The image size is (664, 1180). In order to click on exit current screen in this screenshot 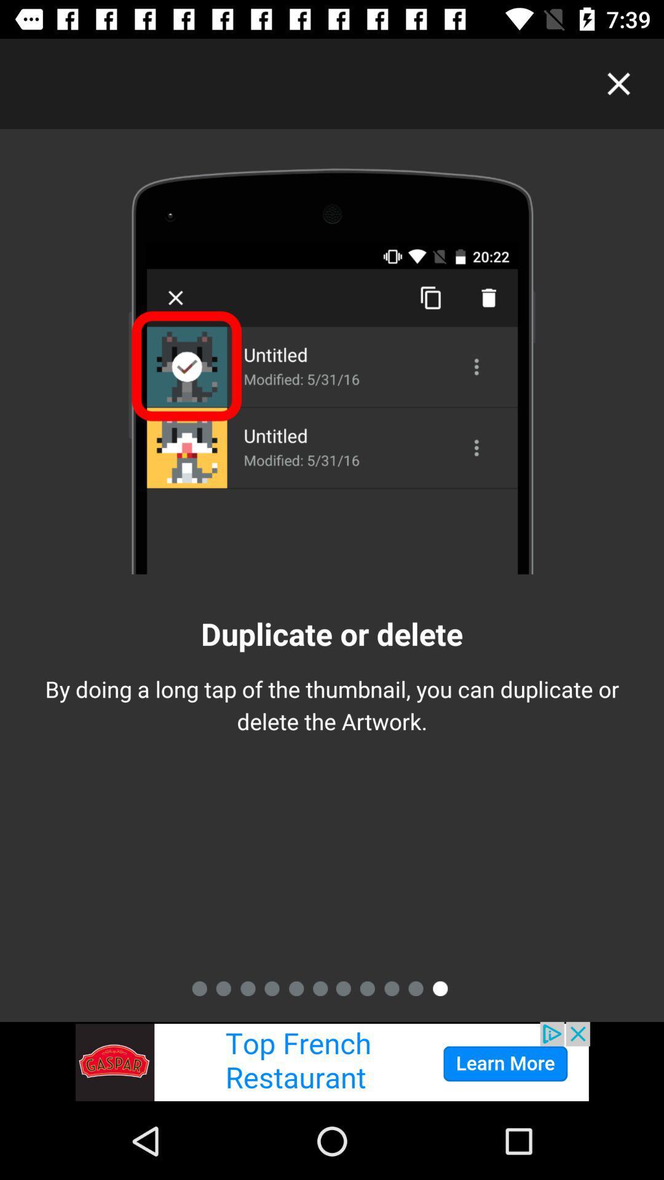, I will do `click(619, 83)`.